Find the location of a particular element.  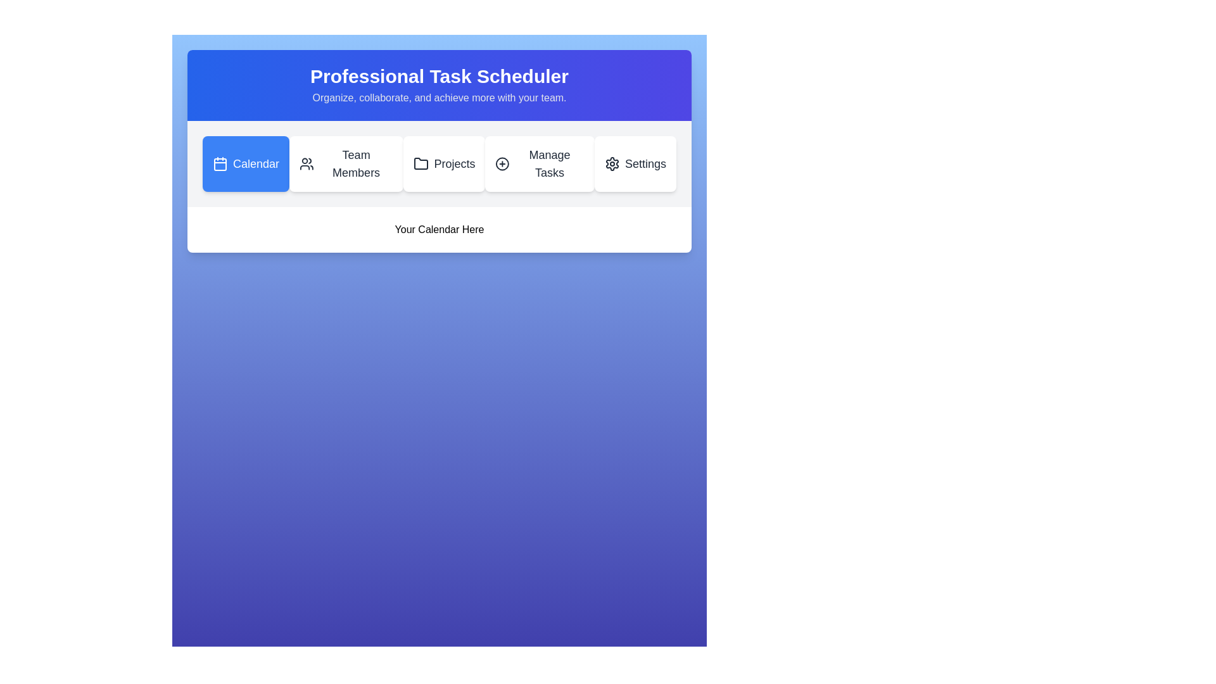

a section of the navigation bar containing interactive buttons, which is located below the header titled 'Professional Task Scheduler' is located at coordinates (440, 163).